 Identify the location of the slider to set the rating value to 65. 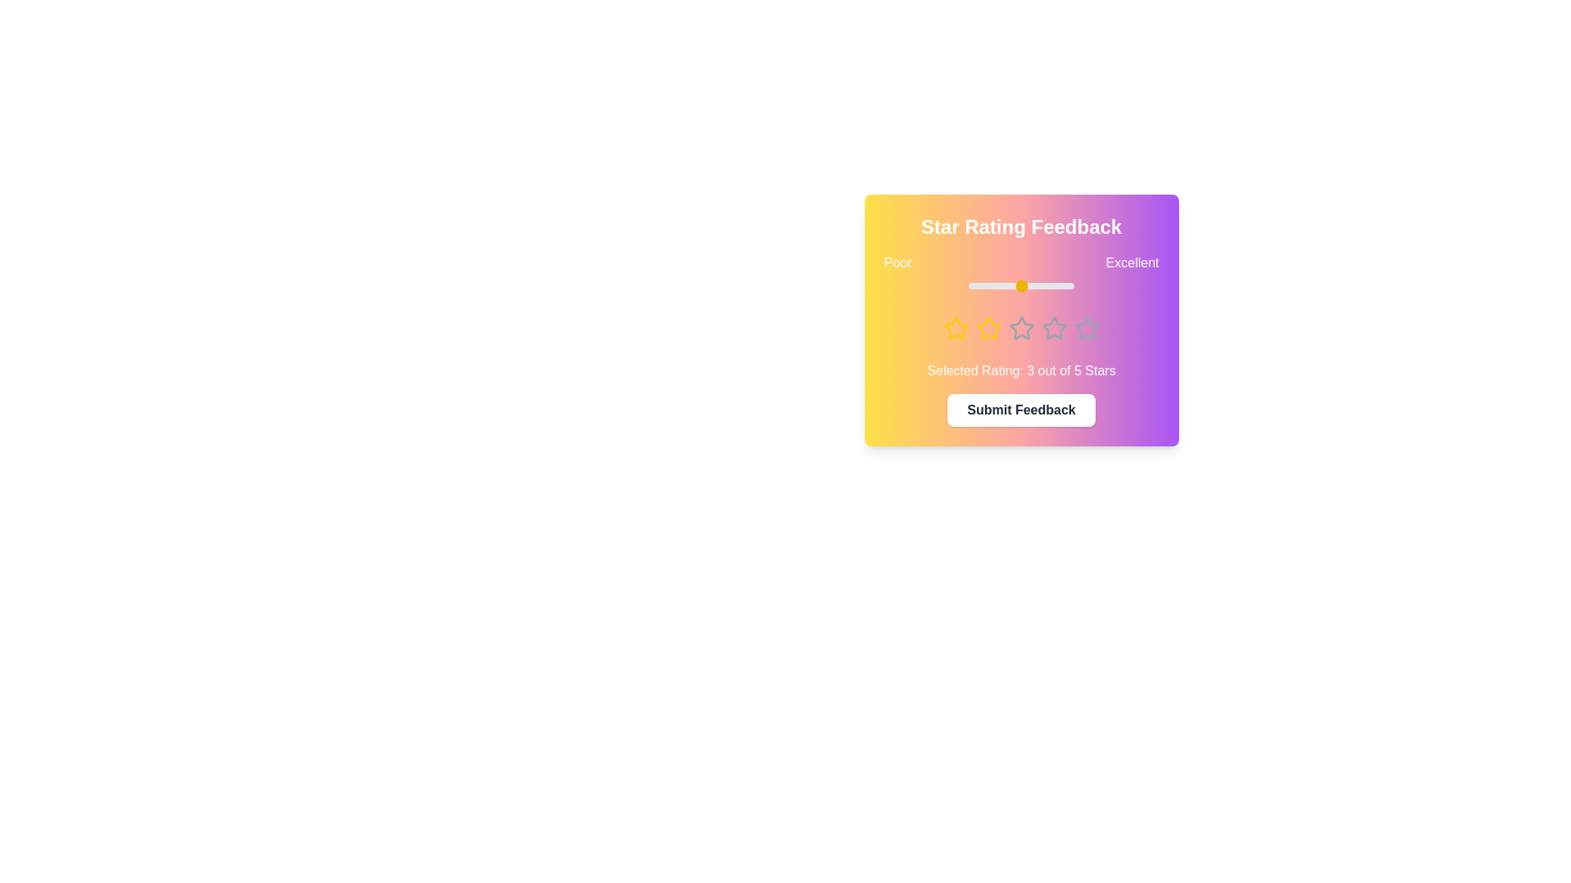
(1036, 285).